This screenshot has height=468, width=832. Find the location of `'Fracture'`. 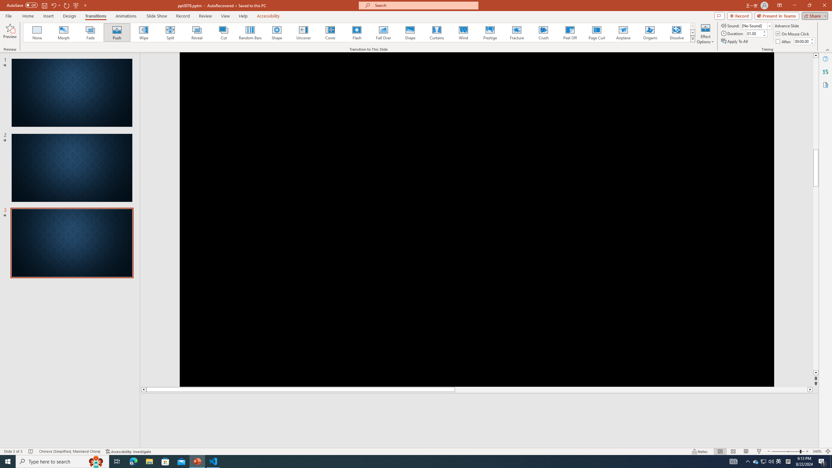

'Fracture' is located at coordinates (516, 32).